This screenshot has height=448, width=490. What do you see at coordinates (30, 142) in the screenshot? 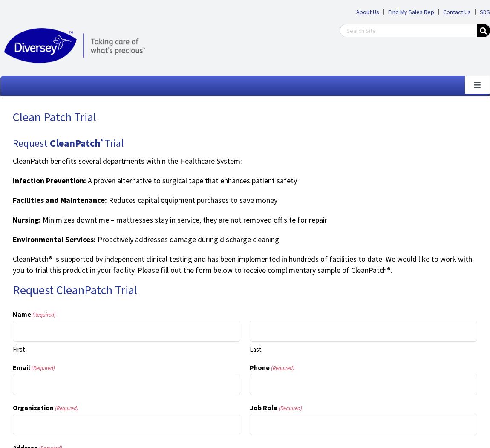
I see `'Request'` at bounding box center [30, 142].